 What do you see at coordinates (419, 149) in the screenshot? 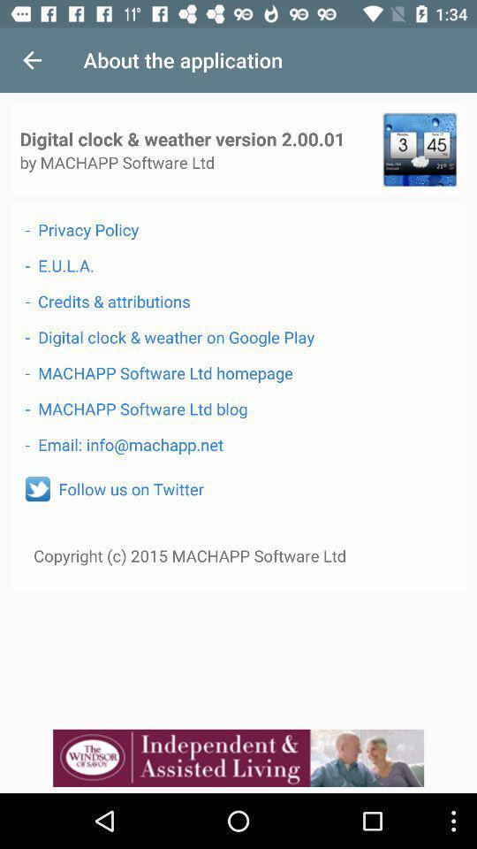
I see `see clock` at bounding box center [419, 149].